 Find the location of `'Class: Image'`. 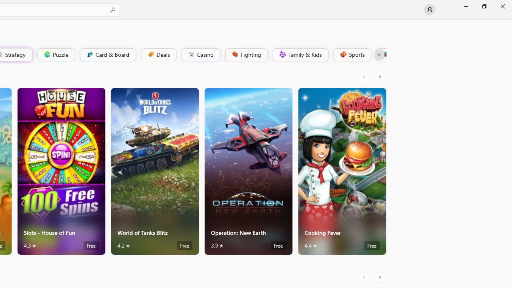

'Class: Image' is located at coordinates (384, 54).